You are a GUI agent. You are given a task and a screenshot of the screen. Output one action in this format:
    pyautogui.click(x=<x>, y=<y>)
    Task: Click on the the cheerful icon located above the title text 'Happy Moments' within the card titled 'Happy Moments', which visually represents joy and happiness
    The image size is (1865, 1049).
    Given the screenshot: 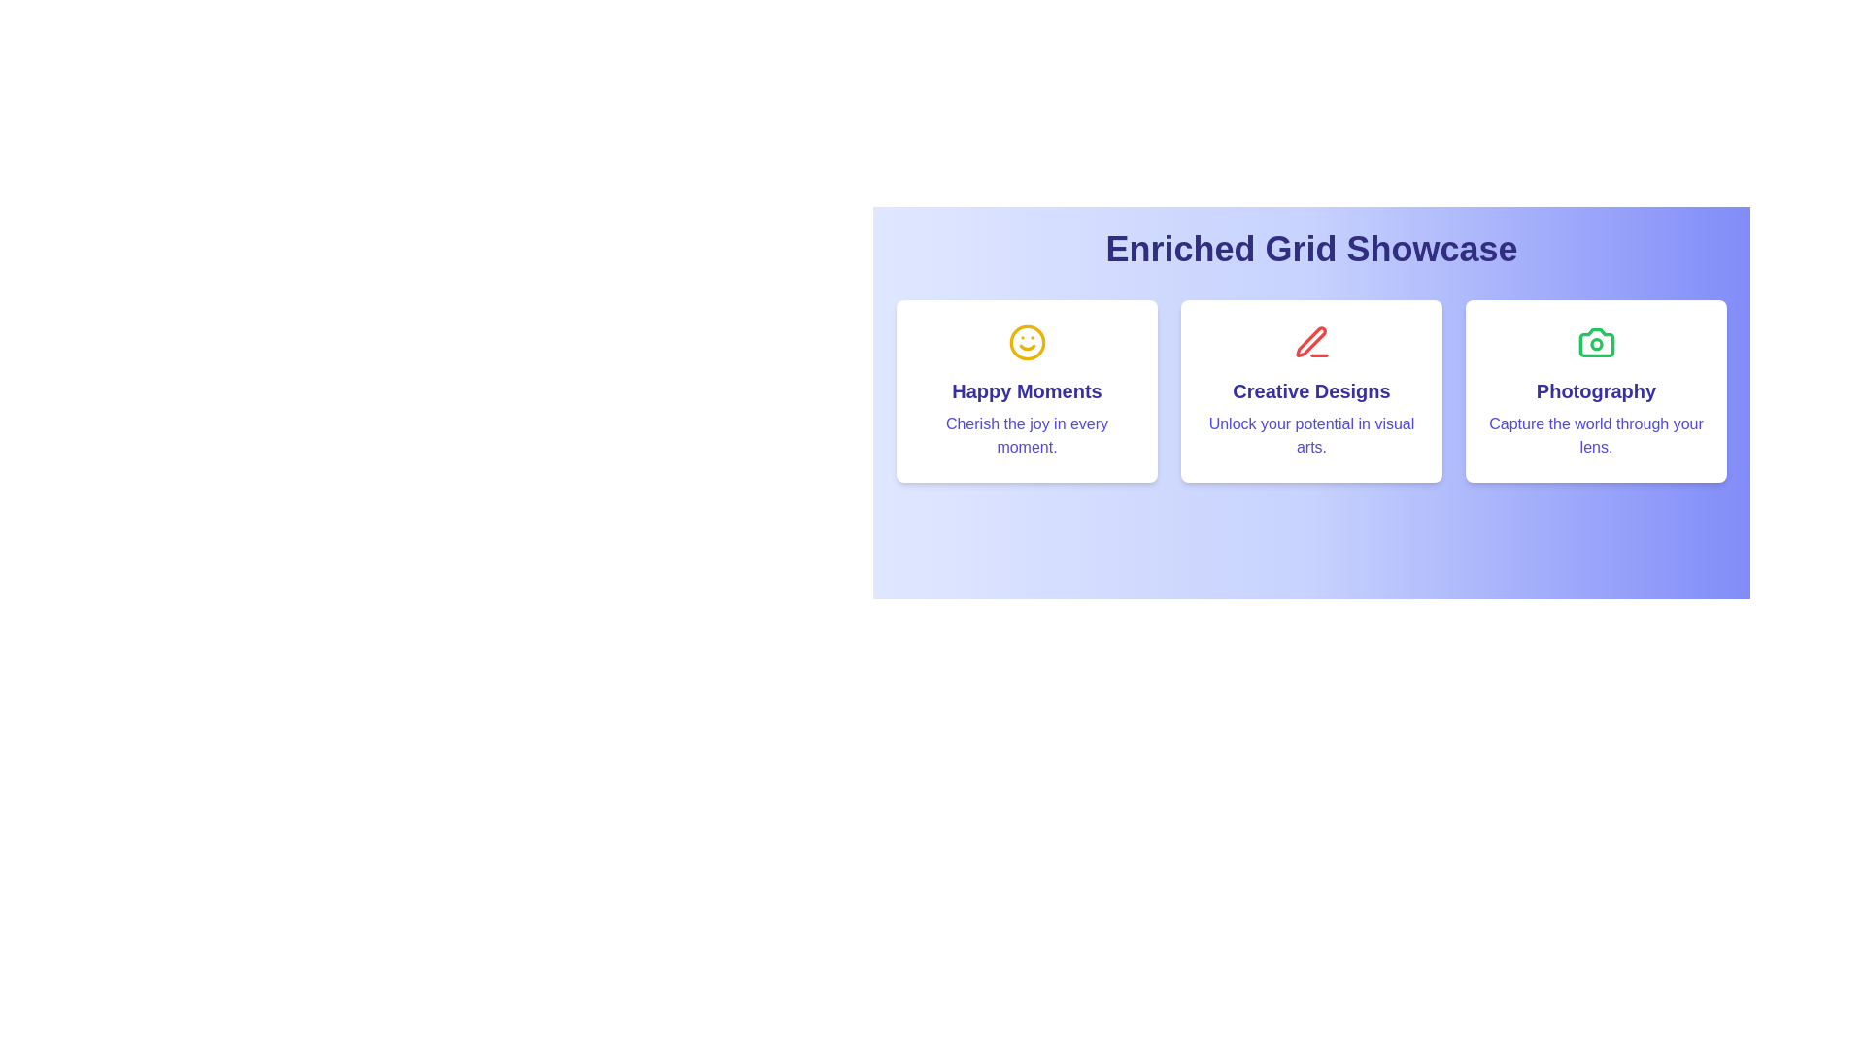 What is the action you would take?
    pyautogui.click(x=1026, y=342)
    